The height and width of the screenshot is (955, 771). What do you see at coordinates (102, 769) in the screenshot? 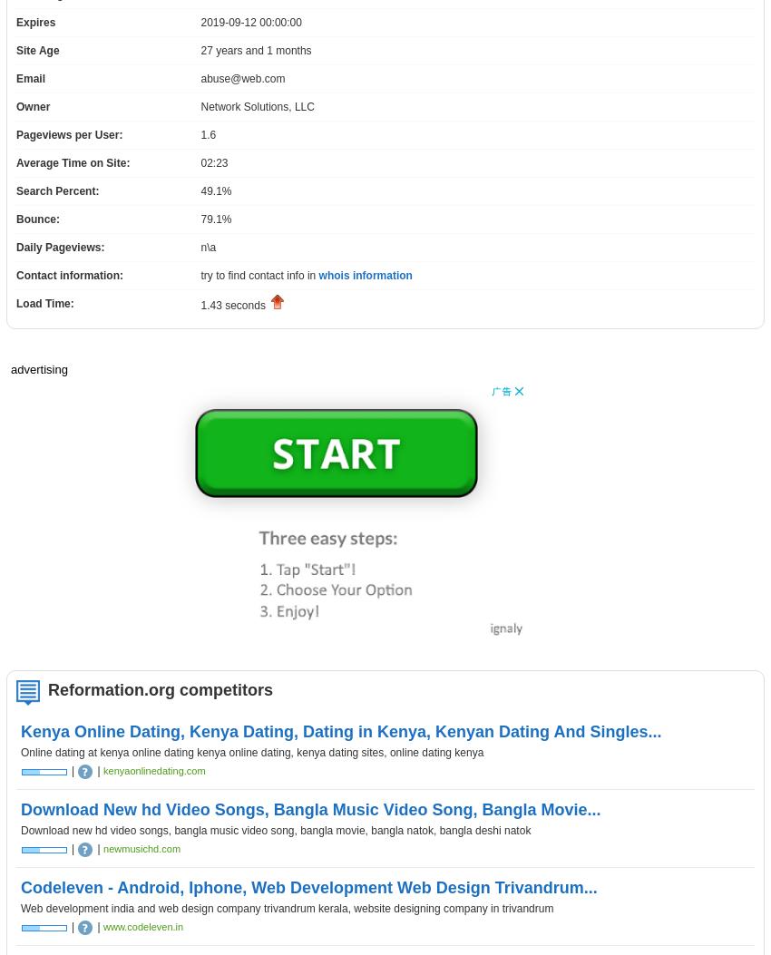
I see `'kenyaonlinedating.com'` at bounding box center [102, 769].